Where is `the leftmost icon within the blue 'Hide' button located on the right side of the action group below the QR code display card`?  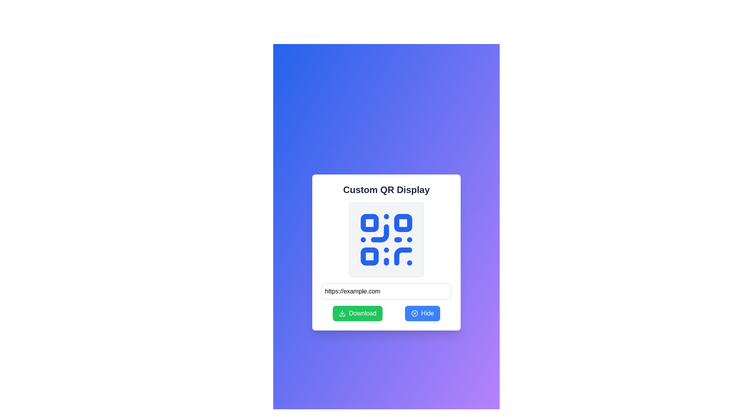 the leftmost icon within the blue 'Hide' button located on the right side of the action group below the QR code display card is located at coordinates (414, 314).